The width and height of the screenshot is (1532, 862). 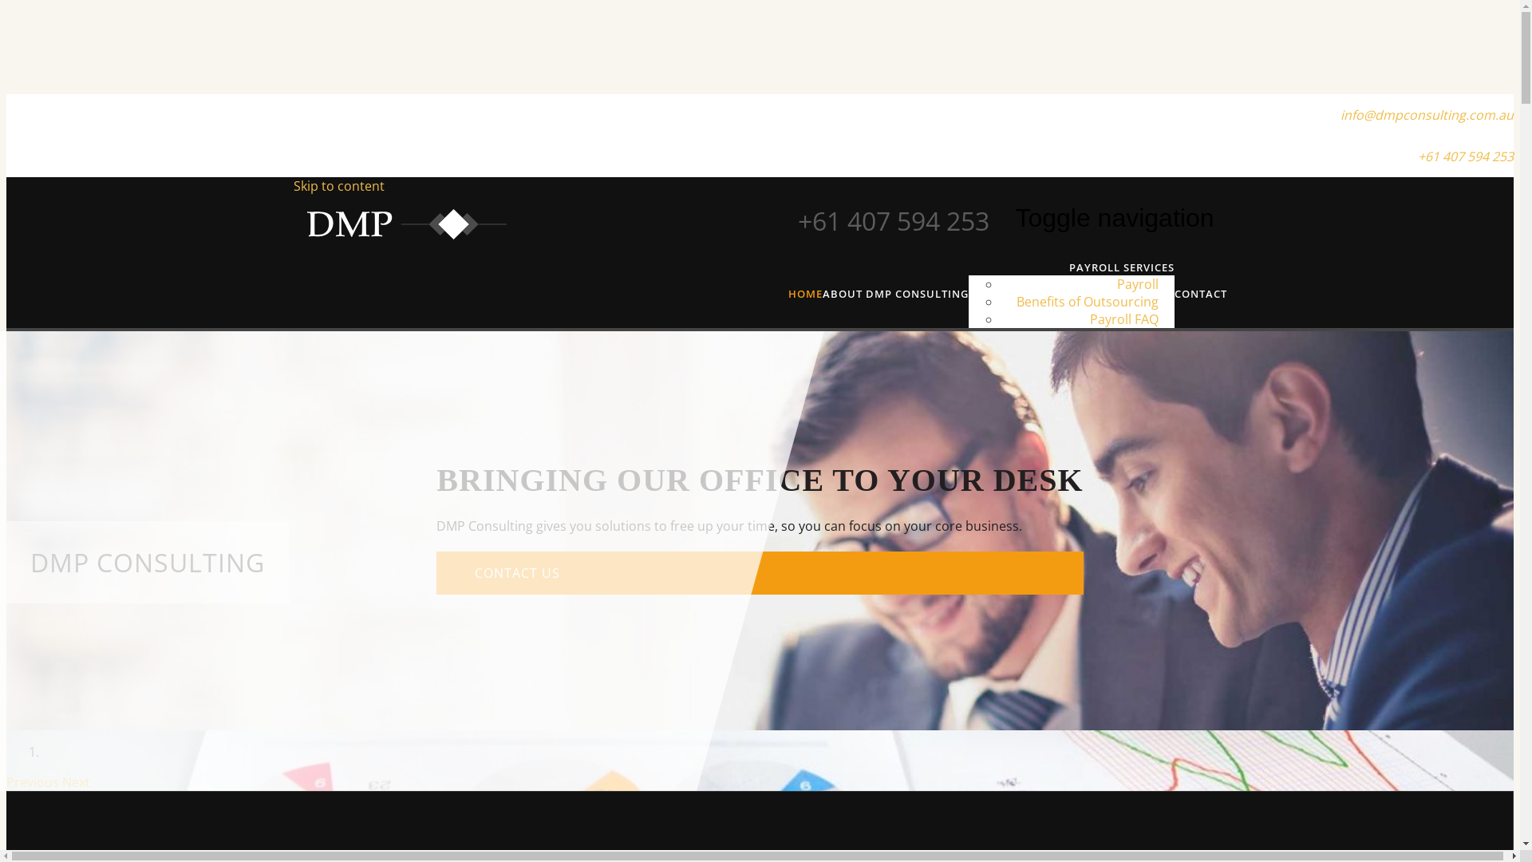 What do you see at coordinates (294, 184) in the screenshot?
I see `'Skip to content'` at bounding box center [294, 184].